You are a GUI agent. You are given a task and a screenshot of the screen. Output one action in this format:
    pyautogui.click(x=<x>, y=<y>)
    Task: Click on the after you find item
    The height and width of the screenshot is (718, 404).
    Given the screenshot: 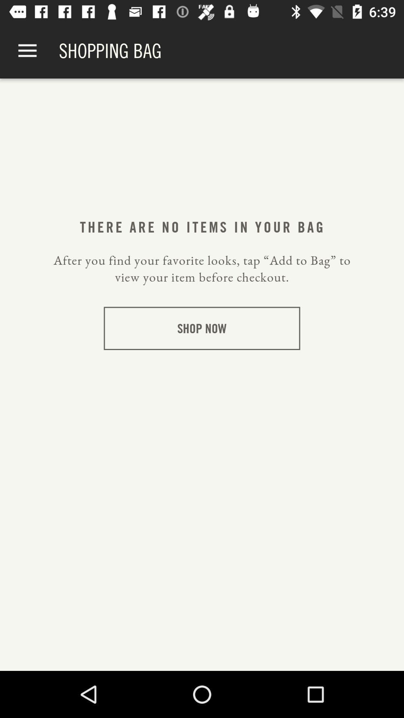 What is the action you would take?
    pyautogui.click(x=202, y=269)
    